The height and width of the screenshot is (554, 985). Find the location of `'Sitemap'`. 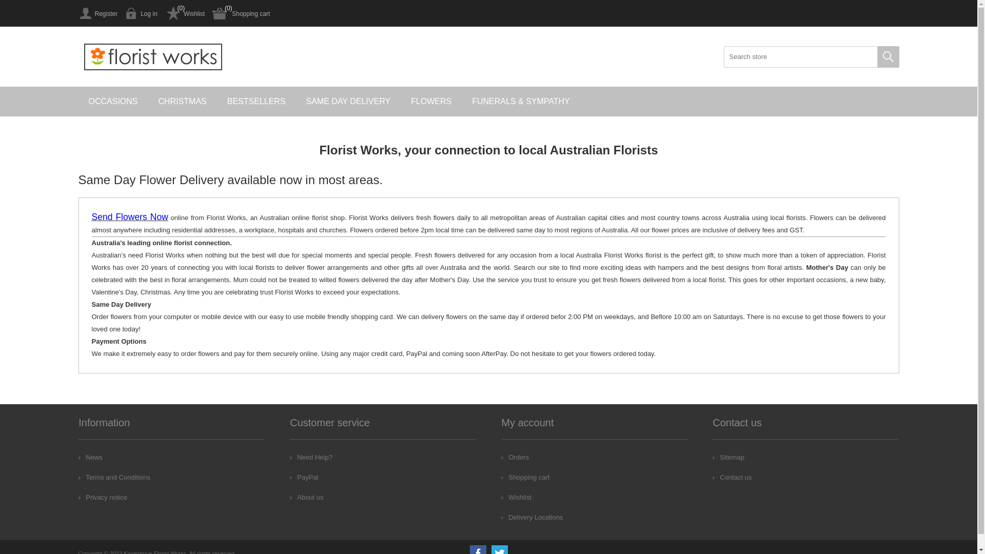

'Sitemap' is located at coordinates (728, 457).